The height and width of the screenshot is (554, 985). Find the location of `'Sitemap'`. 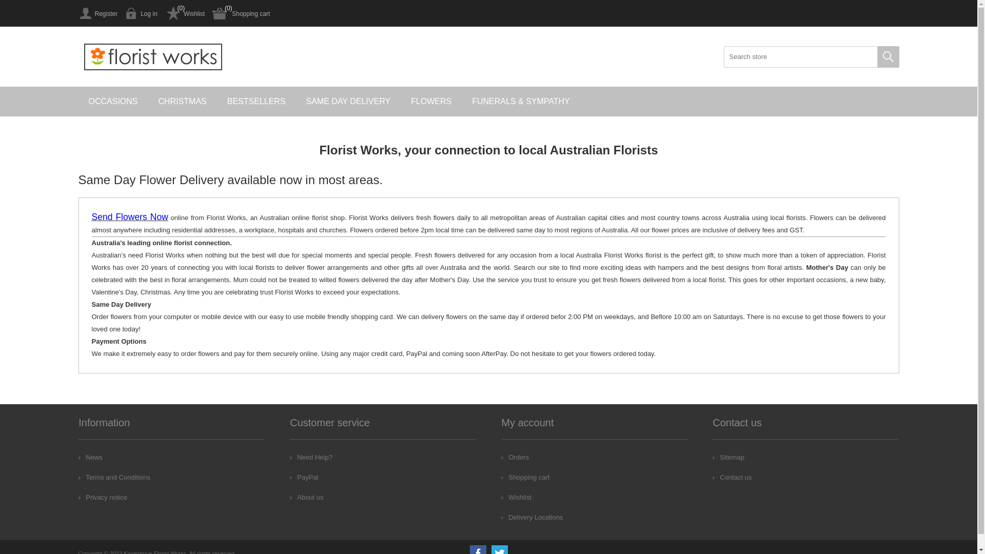

'Sitemap' is located at coordinates (728, 457).